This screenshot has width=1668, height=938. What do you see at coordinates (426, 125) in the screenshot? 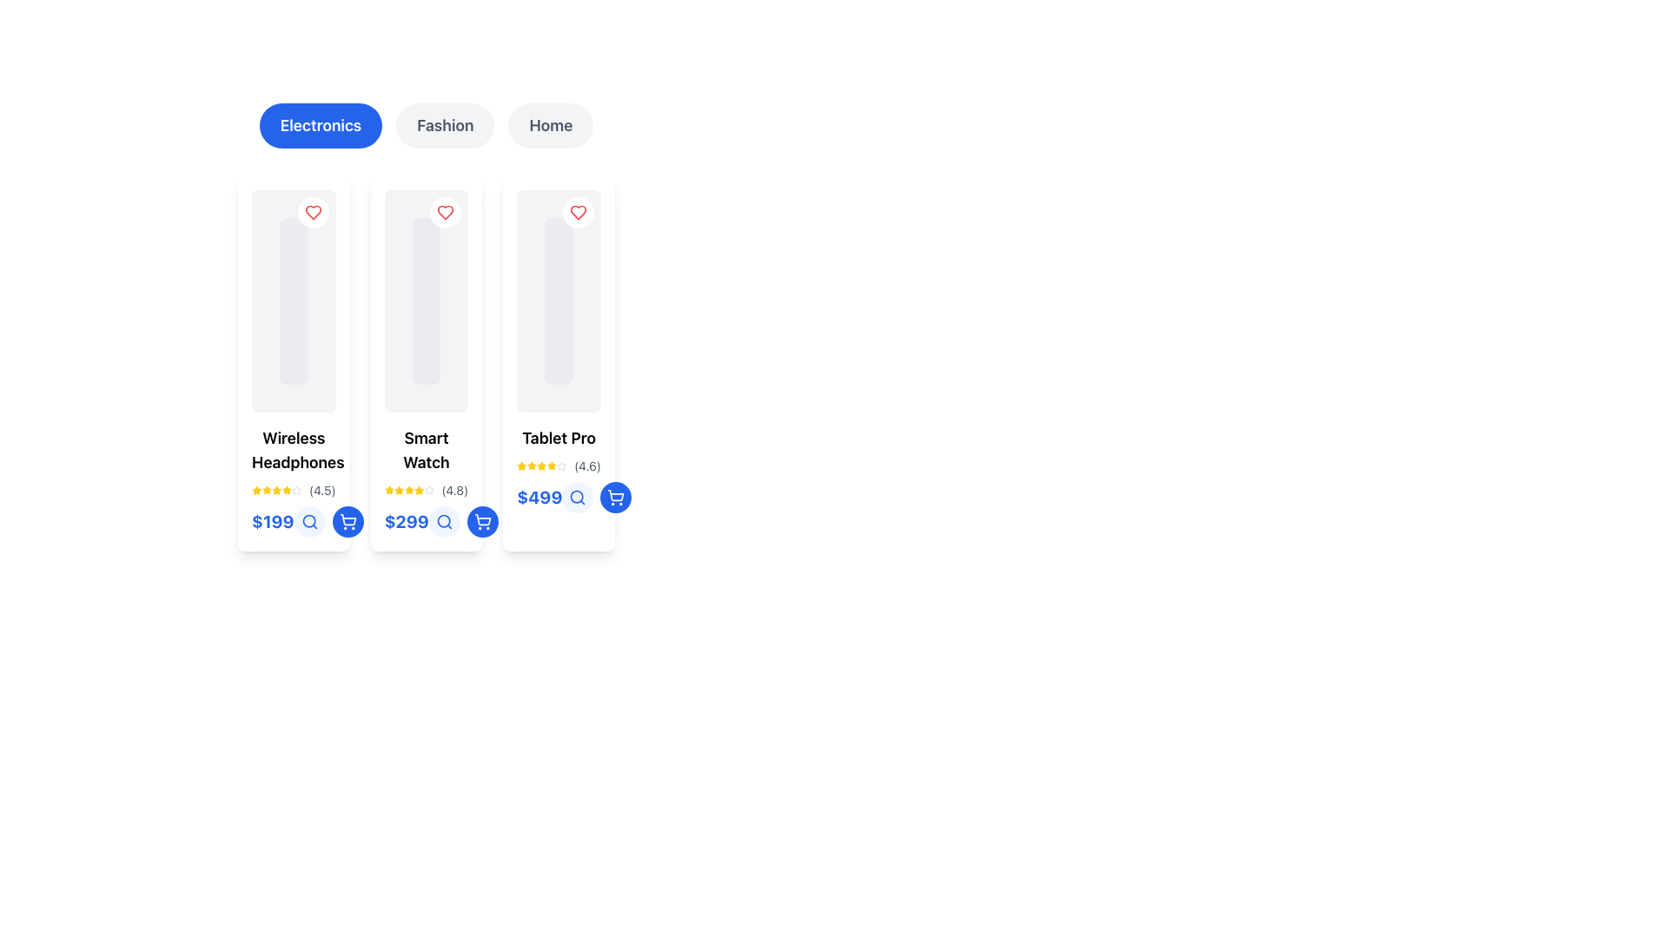
I see `the middle button labeled 'Fashion' in the horizontal menu bar` at bounding box center [426, 125].